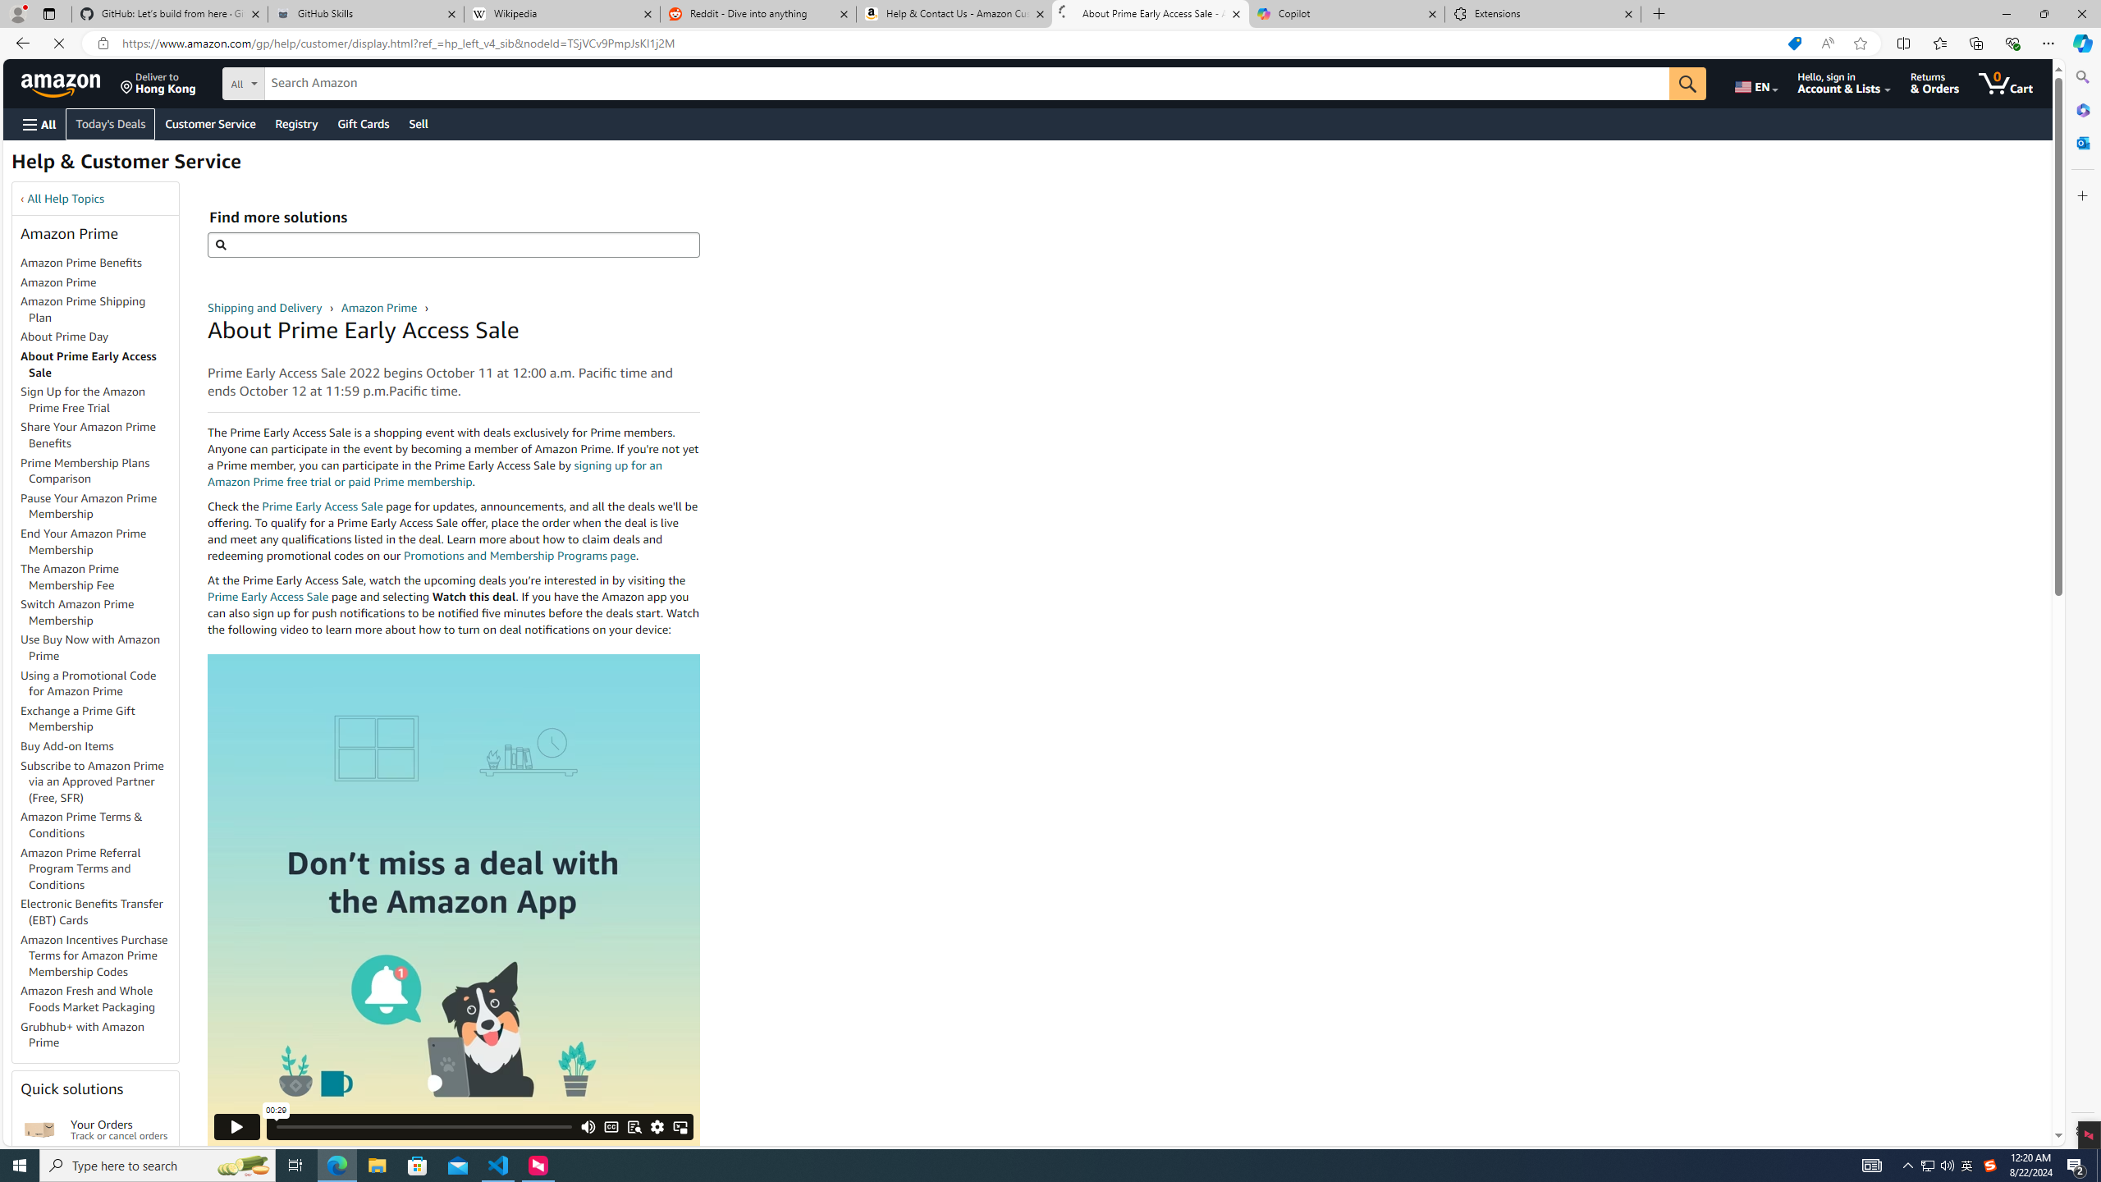 This screenshot has height=1182, width=2101. Describe the element at coordinates (54, 153) in the screenshot. I see `'Today'` at that location.